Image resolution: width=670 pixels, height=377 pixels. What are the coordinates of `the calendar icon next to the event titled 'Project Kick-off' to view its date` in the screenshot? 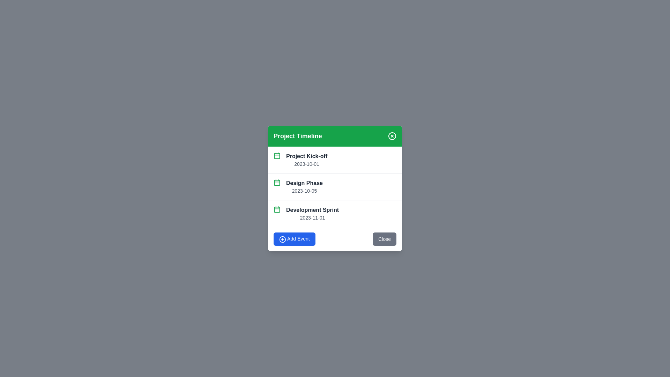 It's located at (276, 155).